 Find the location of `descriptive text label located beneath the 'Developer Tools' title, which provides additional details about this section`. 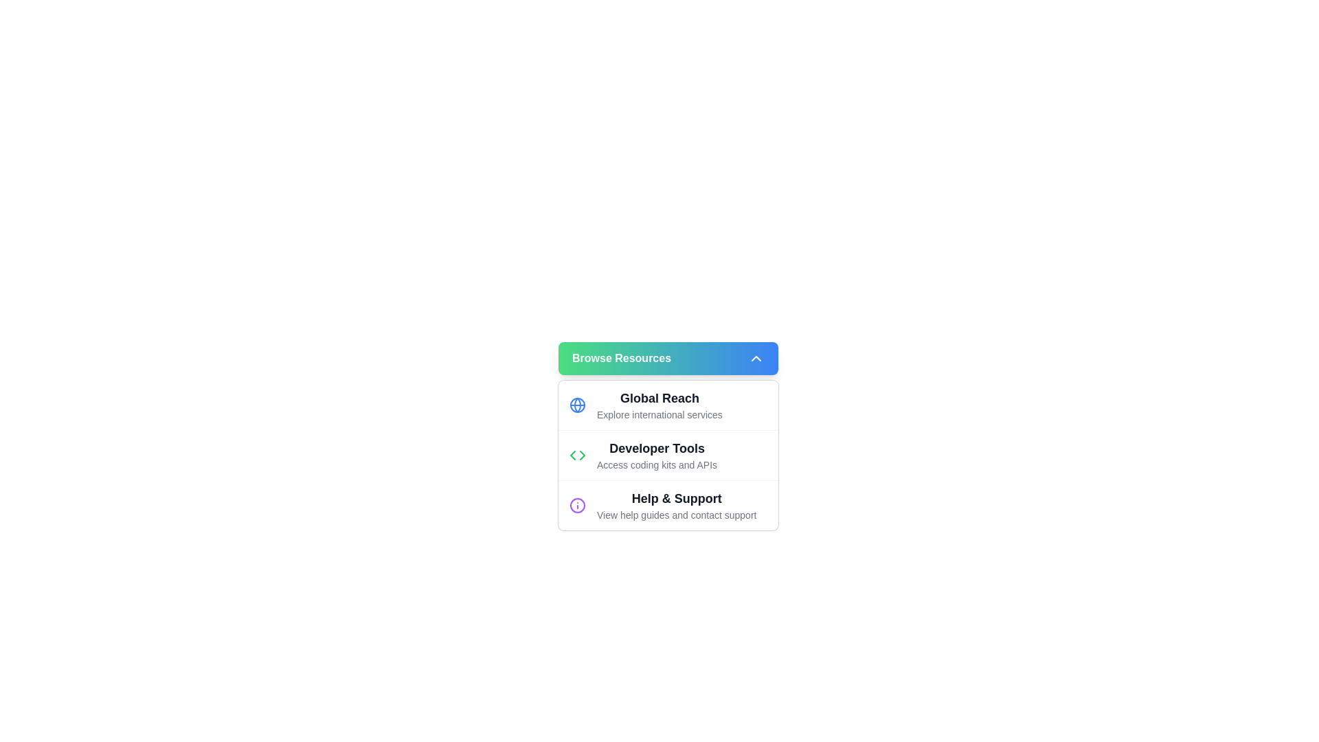

descriptive text label located beneath the 'Developer Tools' title, which provides additional details about this section is located at coordinates (656, 464).